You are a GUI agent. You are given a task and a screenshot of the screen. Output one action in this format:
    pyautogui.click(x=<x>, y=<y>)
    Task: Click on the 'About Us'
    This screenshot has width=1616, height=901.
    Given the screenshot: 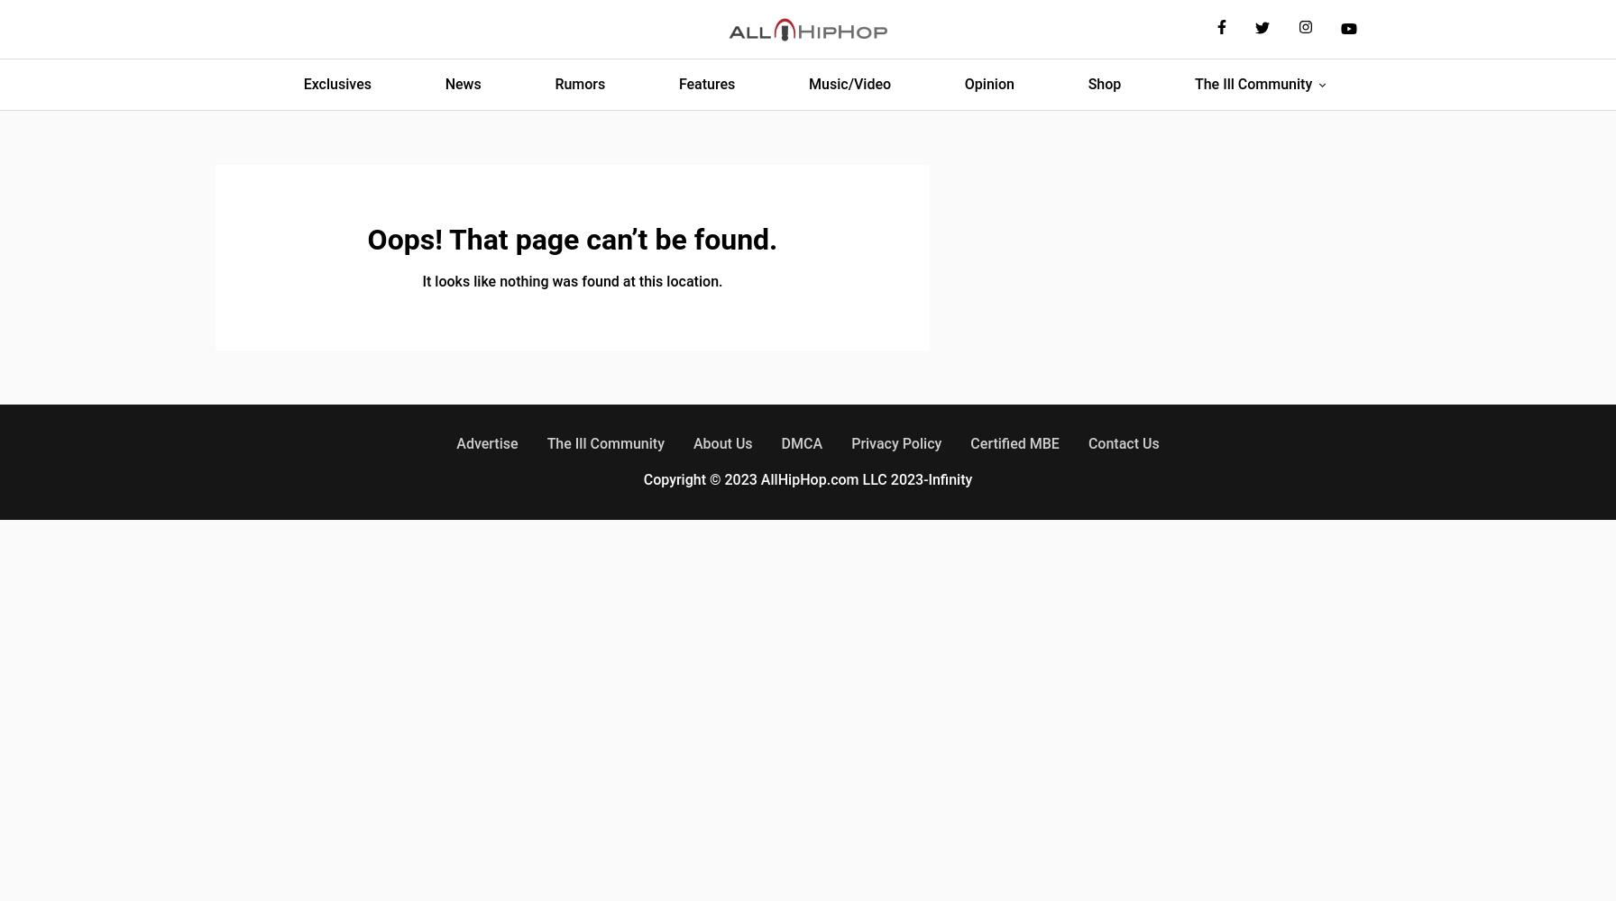 What is the action you would take?
    pyautogui.click(x=722, y=442)
    